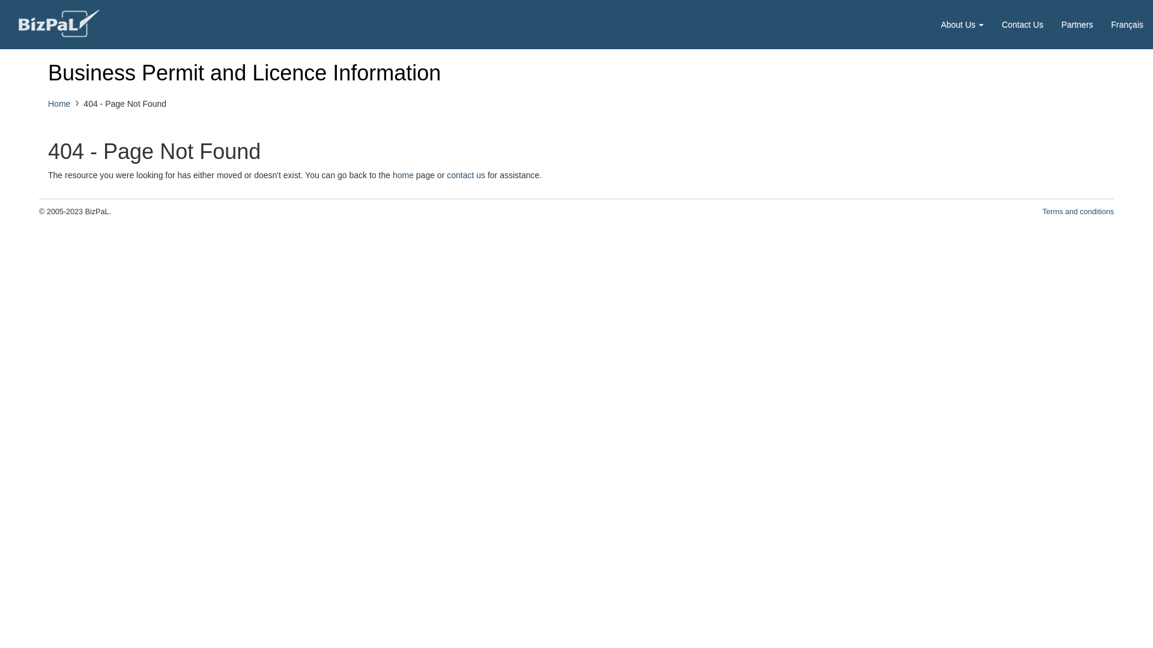 The width and height of the screenshot is (1153, 648). Describe the element at coordinates (403, 175) in the screenshot. I see `'home'` at that location.